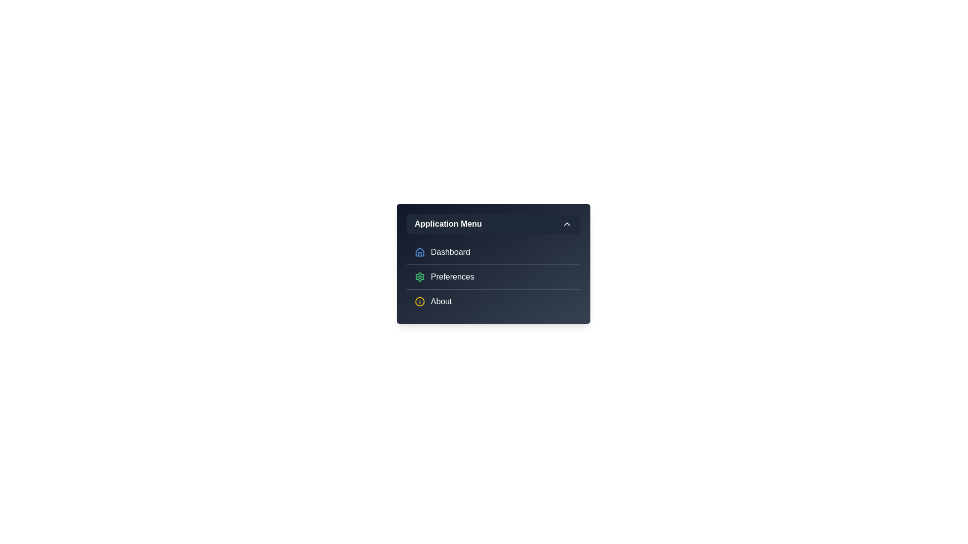  Describe the element at coordinates (493, 301) in the screenshot. I see `the menu item About from the options available` at that location.